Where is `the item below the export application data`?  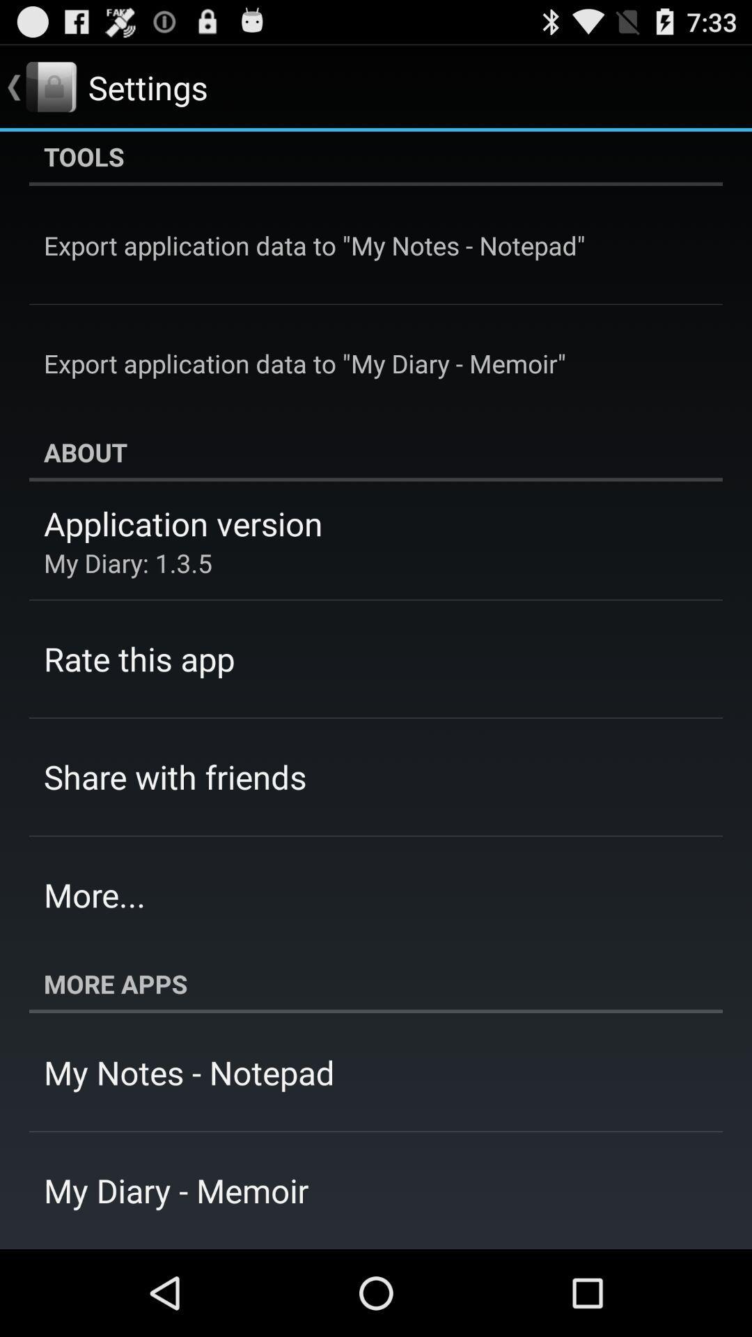 the item below the export application data is located at coordinates (376, 452).